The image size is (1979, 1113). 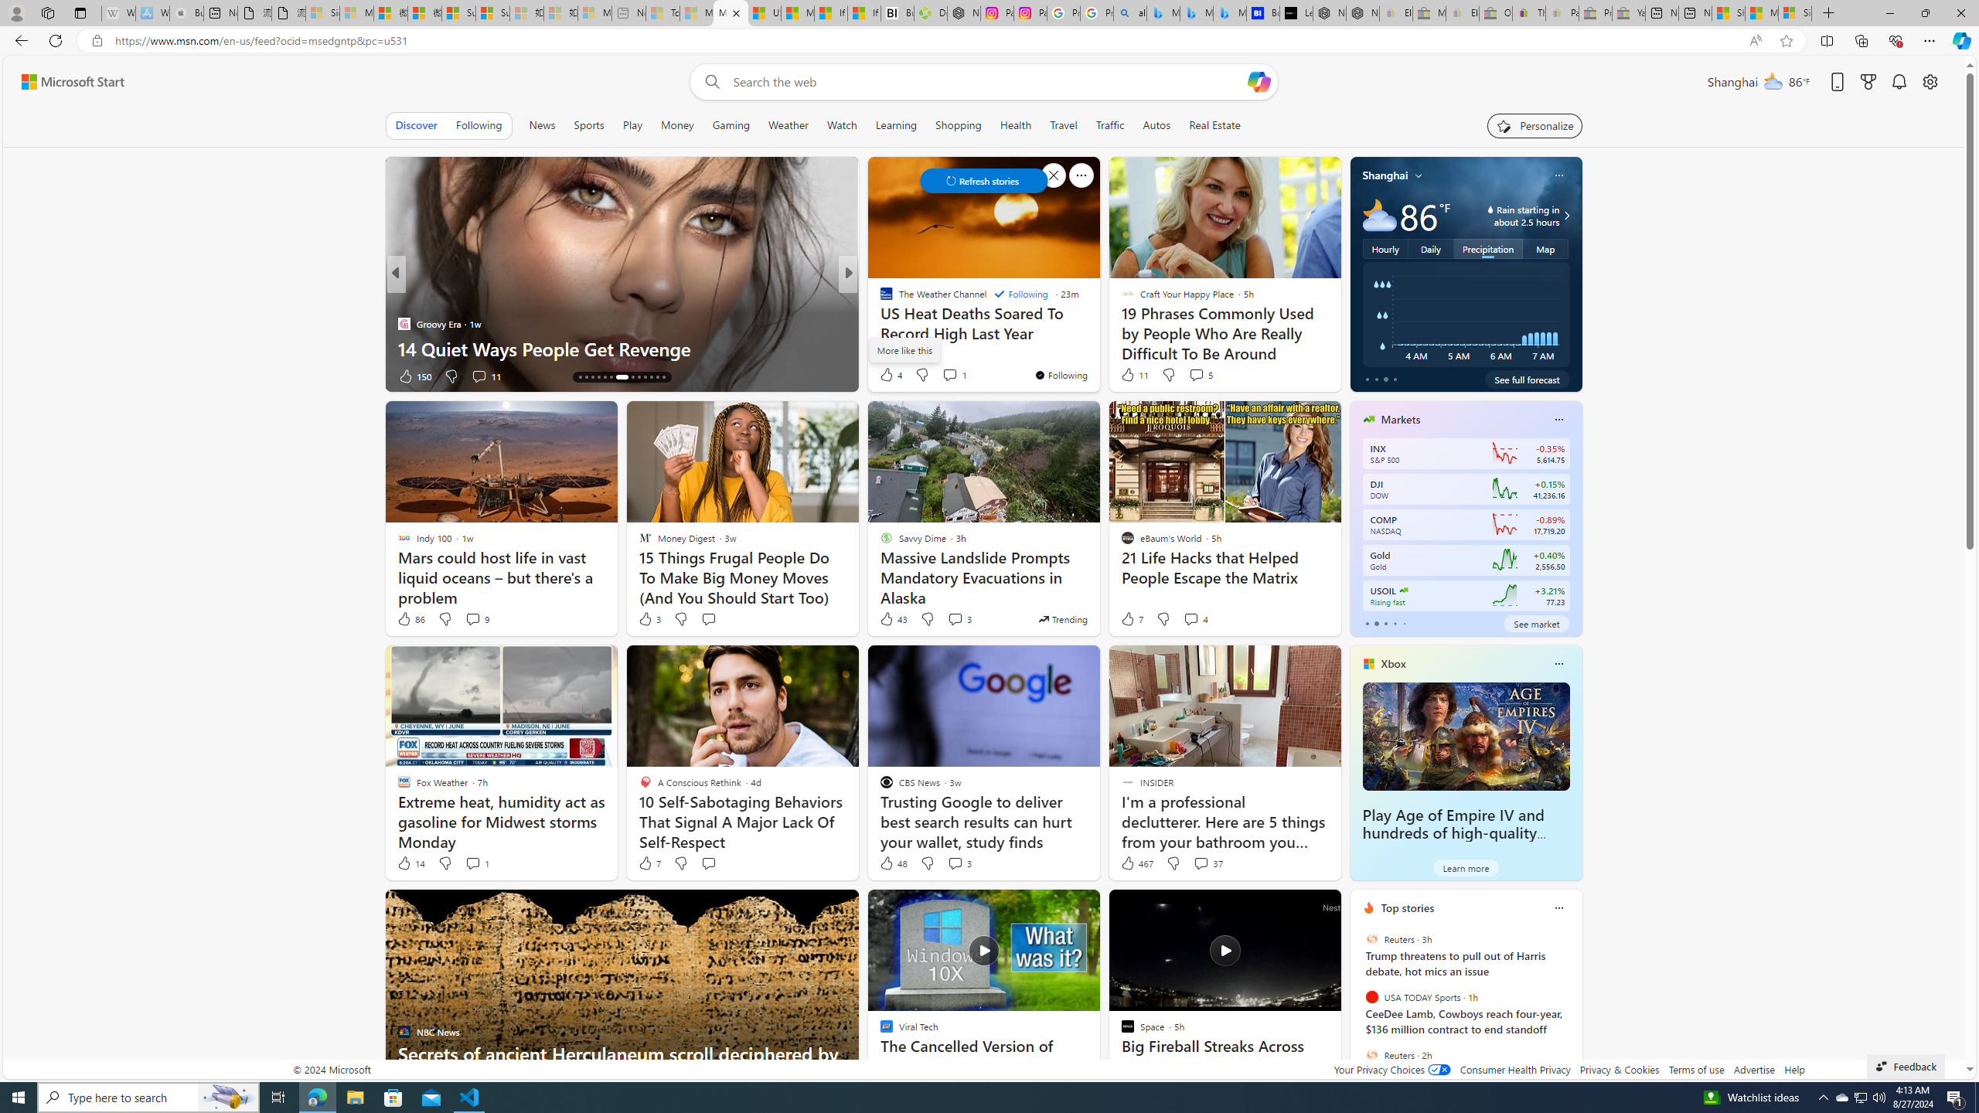 What do you see at coordinates (594, 12) in the screenshot?
I see `'Microsoft account | Account Checkup - Sleeping'` at bounding box center [594, 12].